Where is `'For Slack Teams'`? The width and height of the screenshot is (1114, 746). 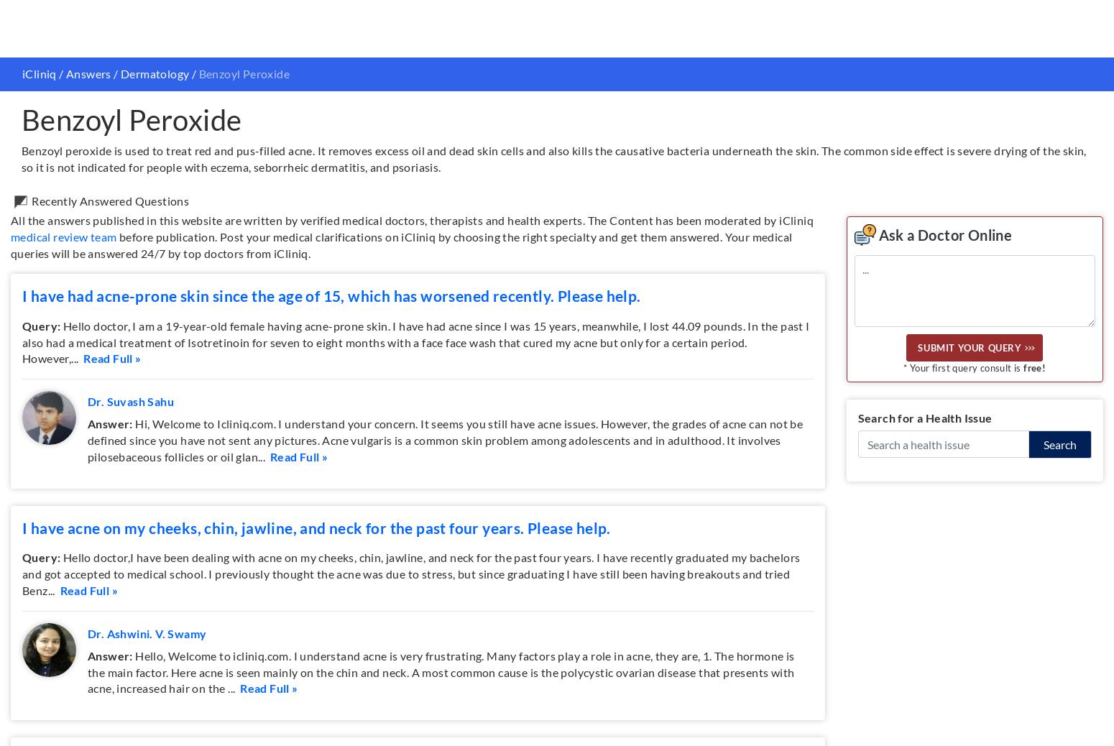 'For Slack Teams' is located at coordinates (812, 535).